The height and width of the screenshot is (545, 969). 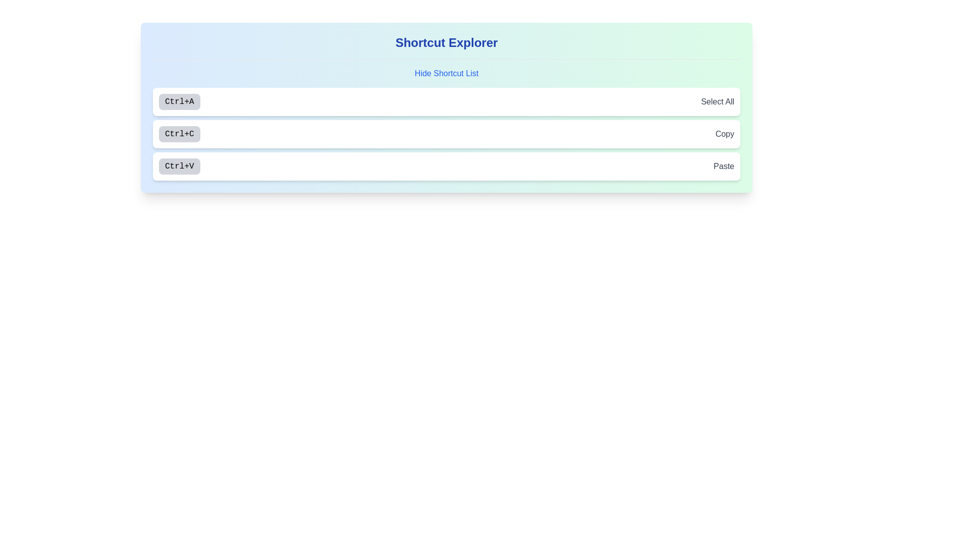 What do you see at coordinates (179, 166) in the screenshot?
I see `the static label with the text 'Ctrl+V', which is a rectangular button-like element with a light gray background and rounded corners, positioned to the left of the 'Paste' label` at bounding box center [179, 166].